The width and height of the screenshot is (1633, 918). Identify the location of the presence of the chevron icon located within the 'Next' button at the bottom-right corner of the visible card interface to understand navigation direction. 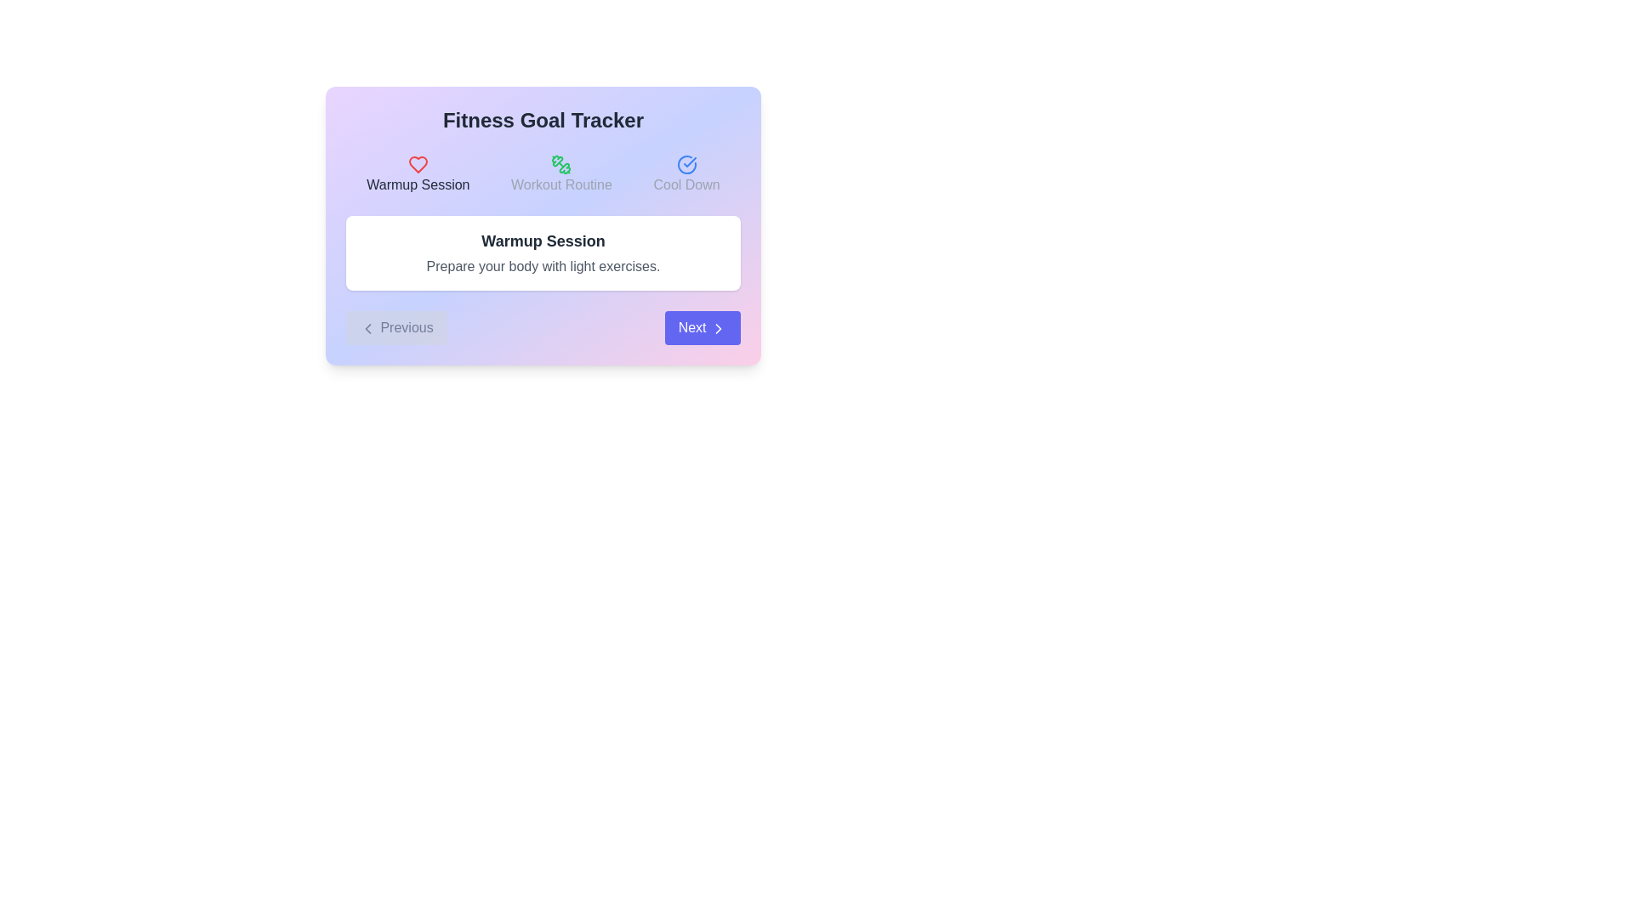
(718, 327).